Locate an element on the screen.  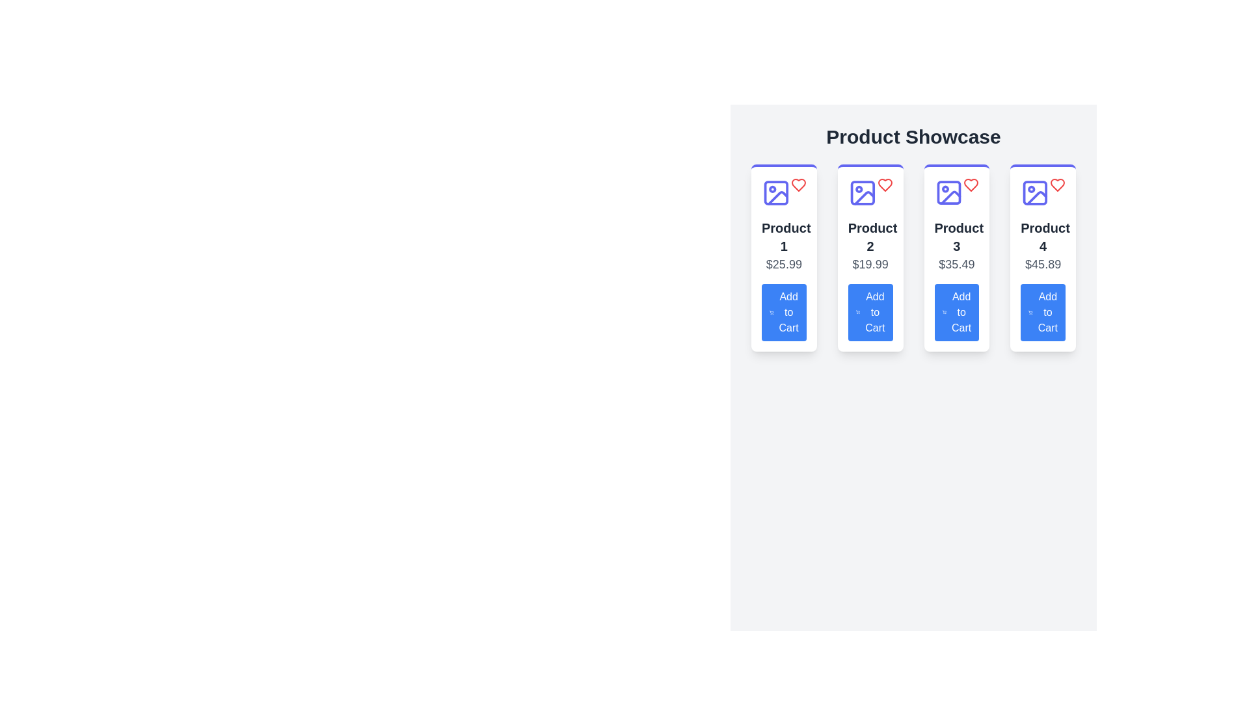
the icon representing an image on the product showcase card for 'Product 3', which is a rounded rectangle with a blue border located centrally at the top of the card is located at coordinates (948, 193).